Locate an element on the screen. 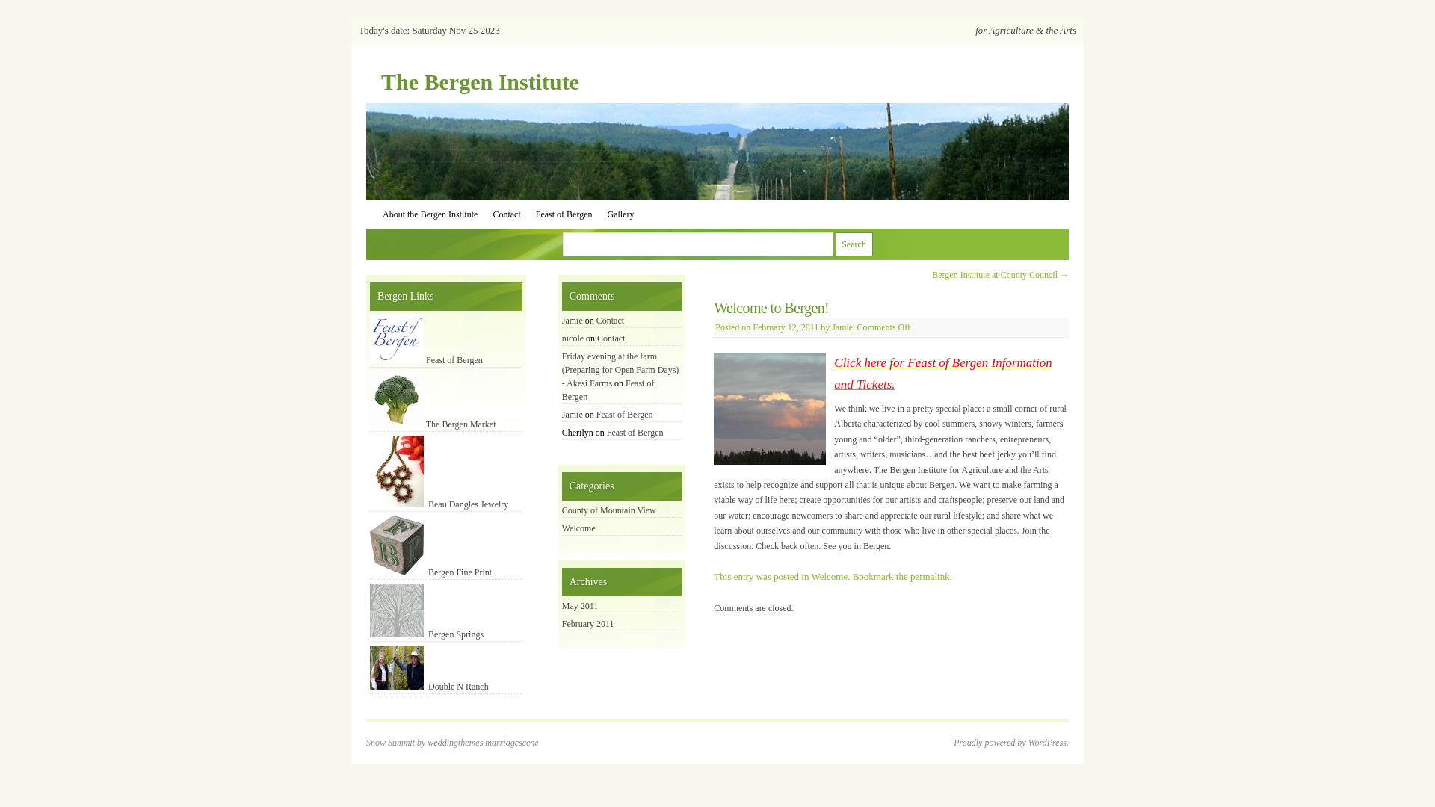 The image size is (1435, 807). 'May 2011' is located at coordinates (579, 605).